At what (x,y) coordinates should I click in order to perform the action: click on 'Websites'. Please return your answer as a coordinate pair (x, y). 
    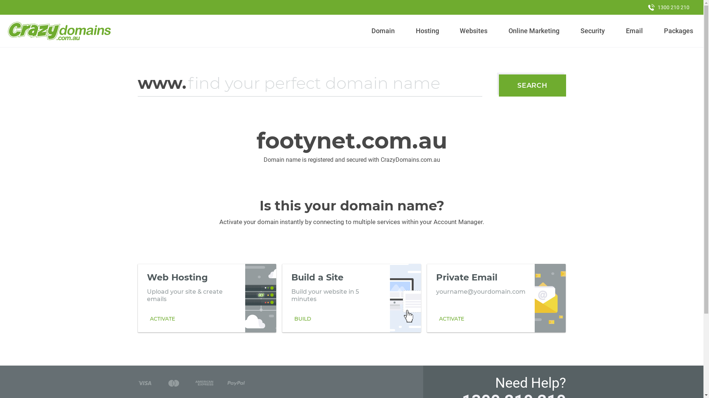
    Looking at the image, I should click on (456, 31).